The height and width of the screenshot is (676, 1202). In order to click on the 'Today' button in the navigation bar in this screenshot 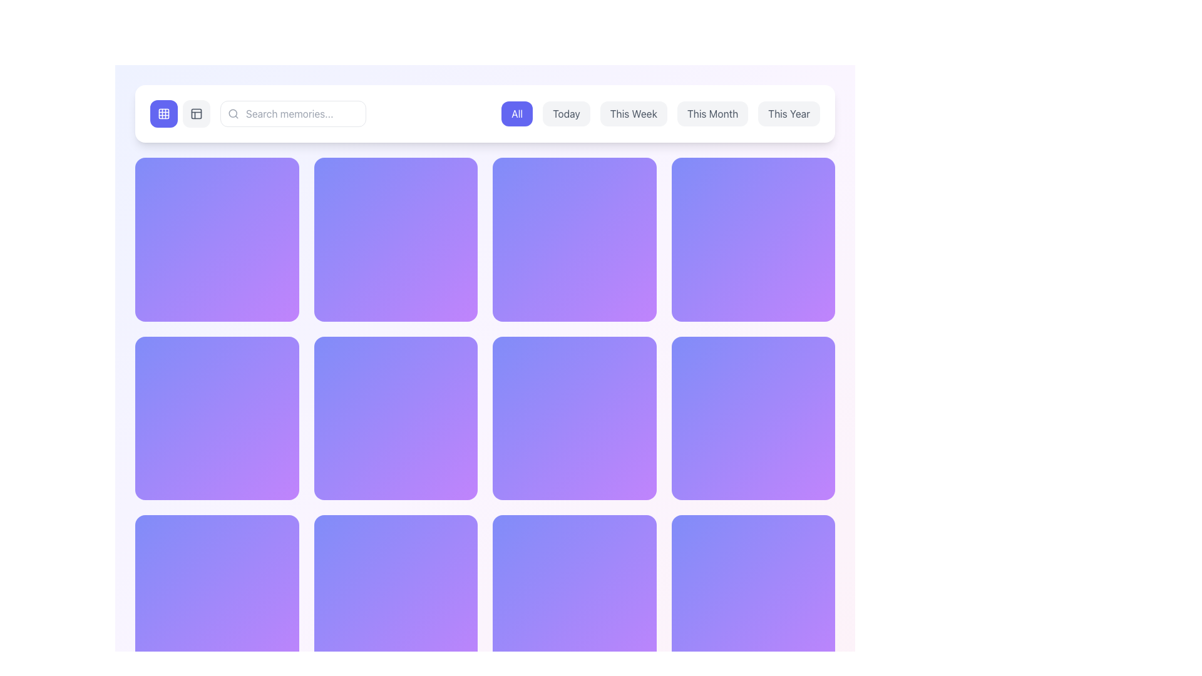, I will do `click(565, 113)`.